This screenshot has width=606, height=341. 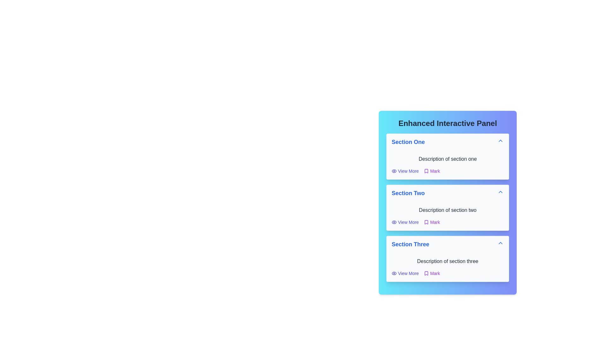 What do you see at coordinates (500, 141) in the screenshot?
I see `the chevron-up icon located at the top-right corner of the 'Section One' header` at bounding box center [500, 141].